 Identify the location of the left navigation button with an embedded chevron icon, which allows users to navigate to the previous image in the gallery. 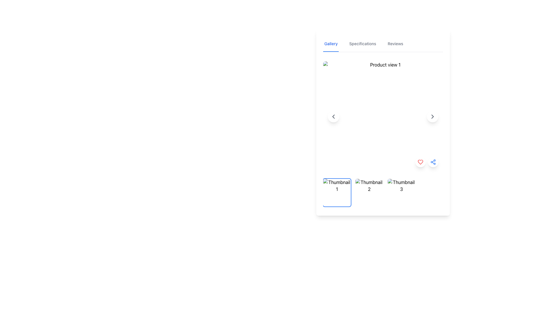
(333, 117).